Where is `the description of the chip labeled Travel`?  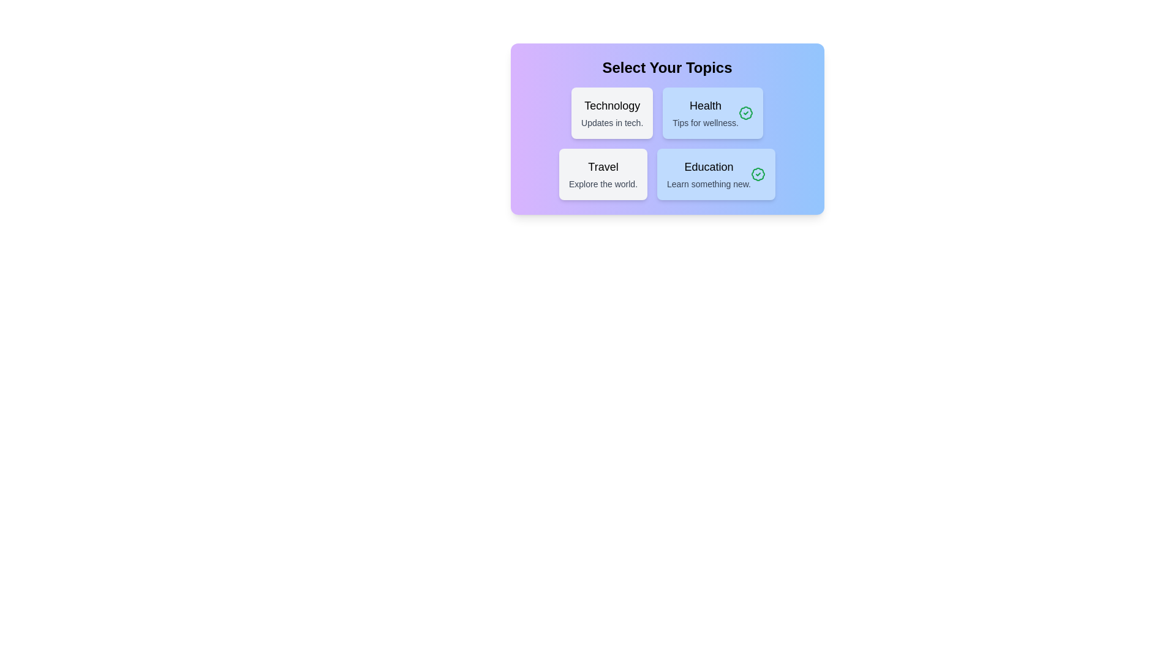
the description of the chip labeled Travel is located at coordinates (603, 174).